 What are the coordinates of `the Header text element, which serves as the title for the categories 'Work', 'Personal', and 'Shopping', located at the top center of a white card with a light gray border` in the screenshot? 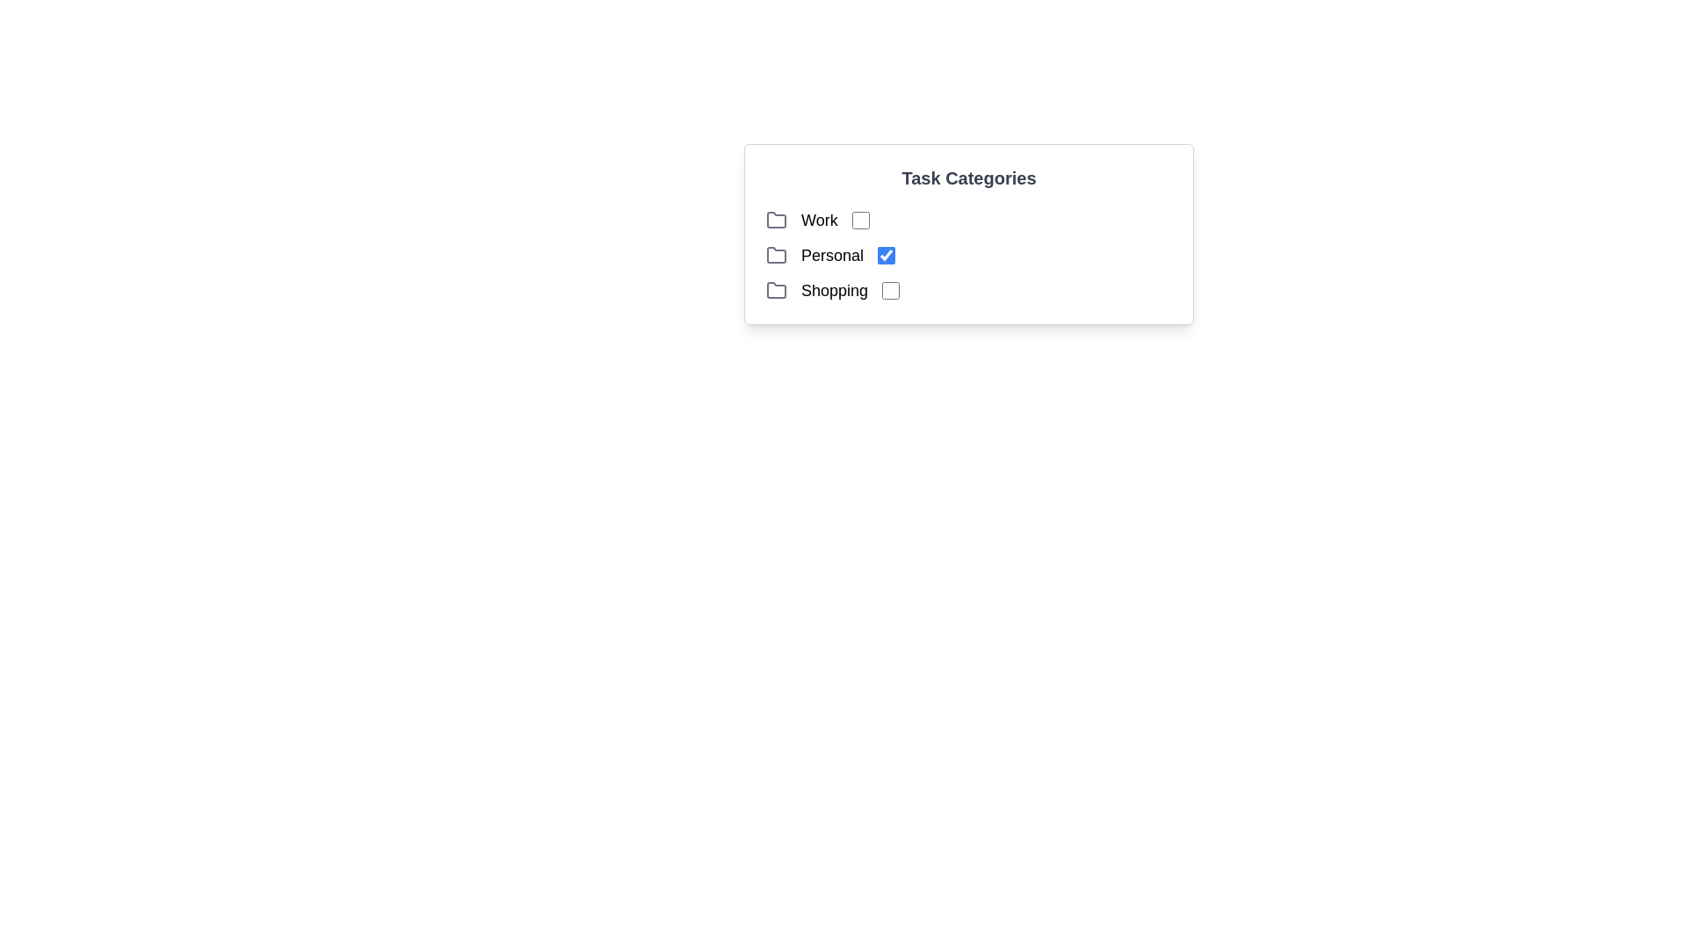 It's located at (968, 178).